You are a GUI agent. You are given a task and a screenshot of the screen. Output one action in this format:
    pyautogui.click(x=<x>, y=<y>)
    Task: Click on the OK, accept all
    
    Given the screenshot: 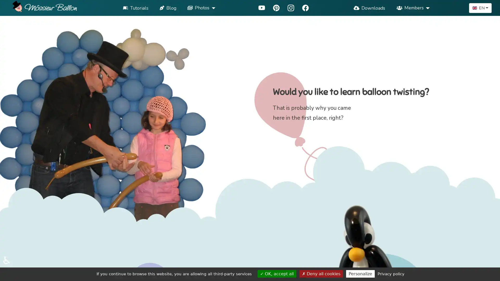 What is the action you would take?
    pyautogui.click(x=277, y=273)
    